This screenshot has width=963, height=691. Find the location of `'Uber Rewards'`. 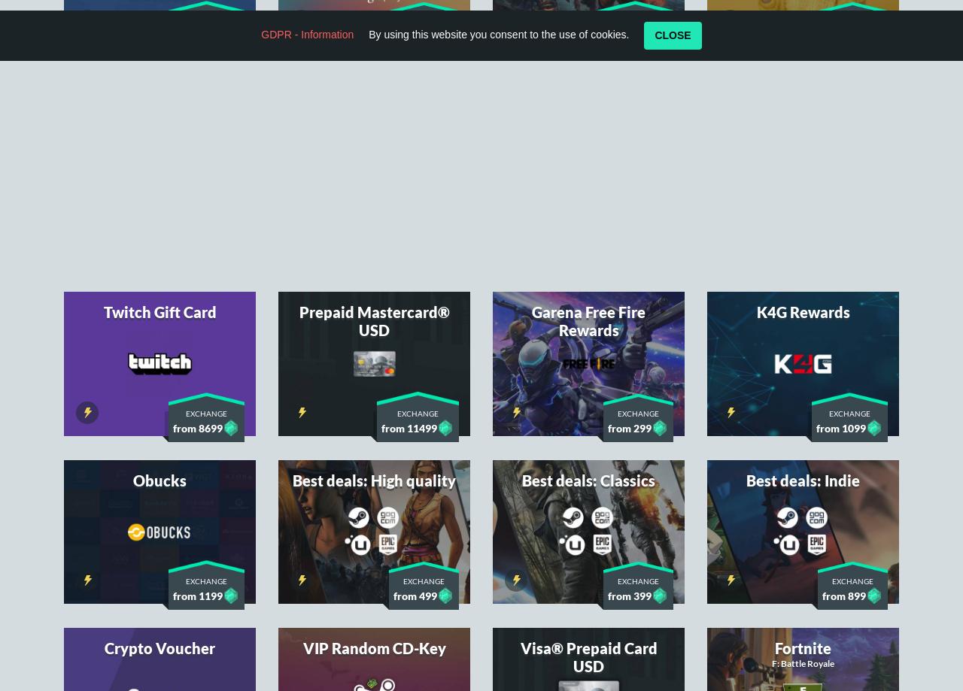

'Uber Rewards' is located at coordinates (802, 641).